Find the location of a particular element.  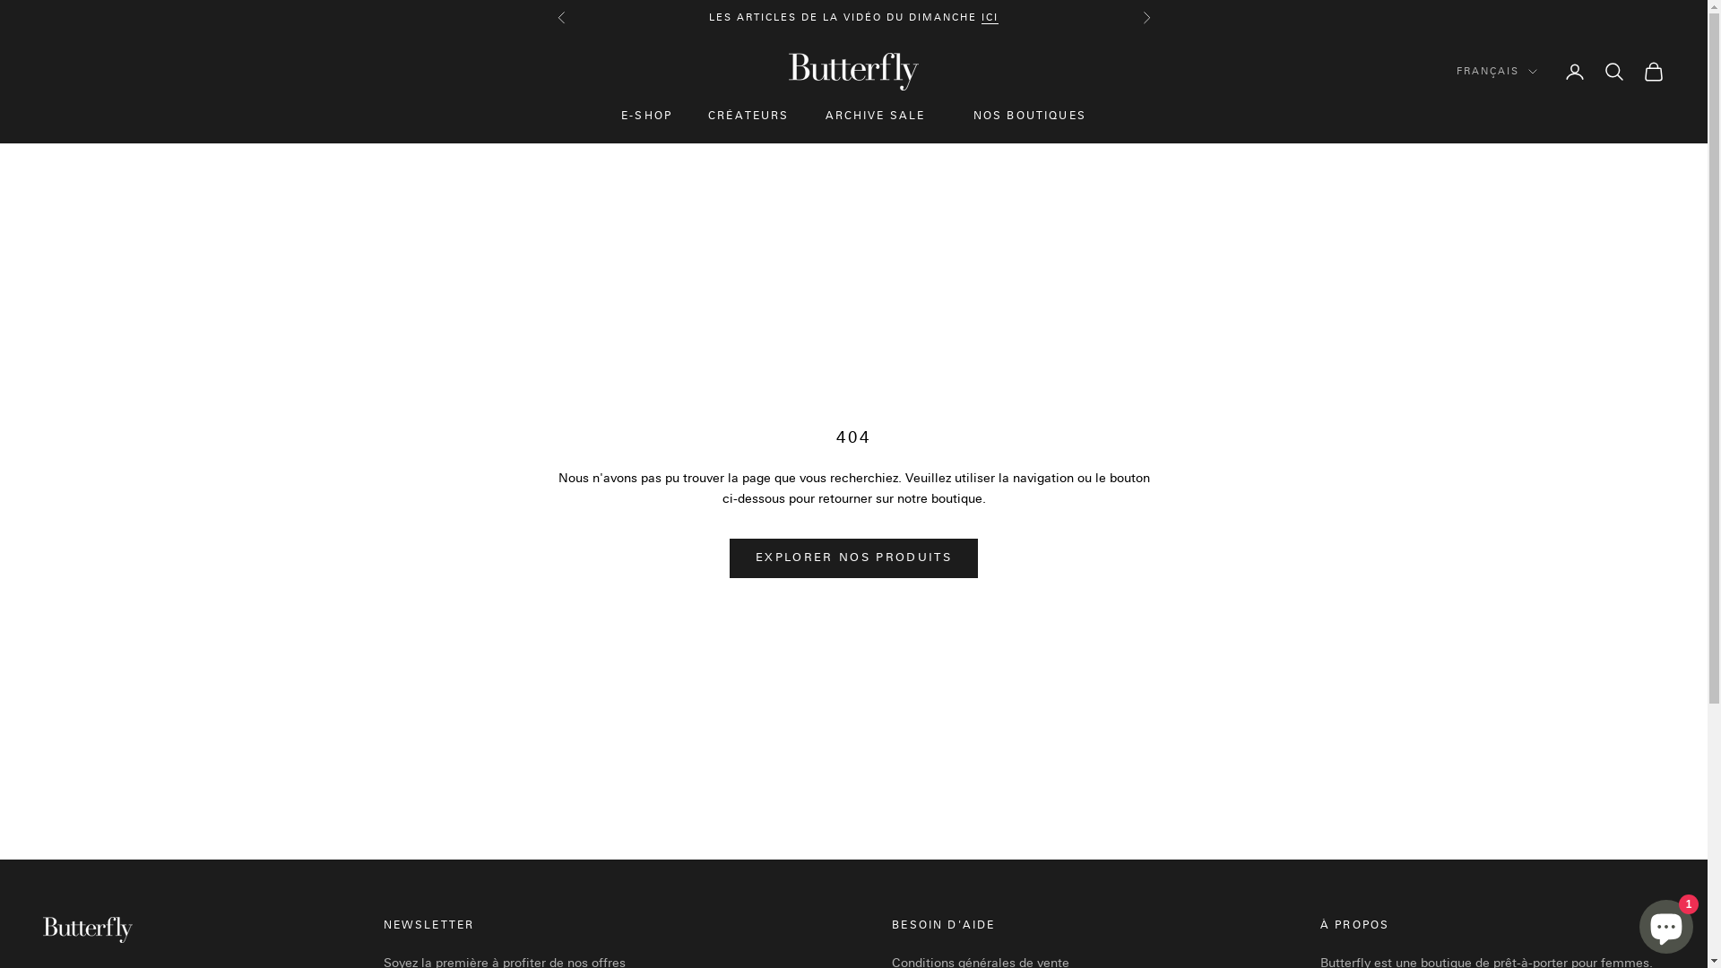

'Suivant' is located at coordinates (1144, 17).